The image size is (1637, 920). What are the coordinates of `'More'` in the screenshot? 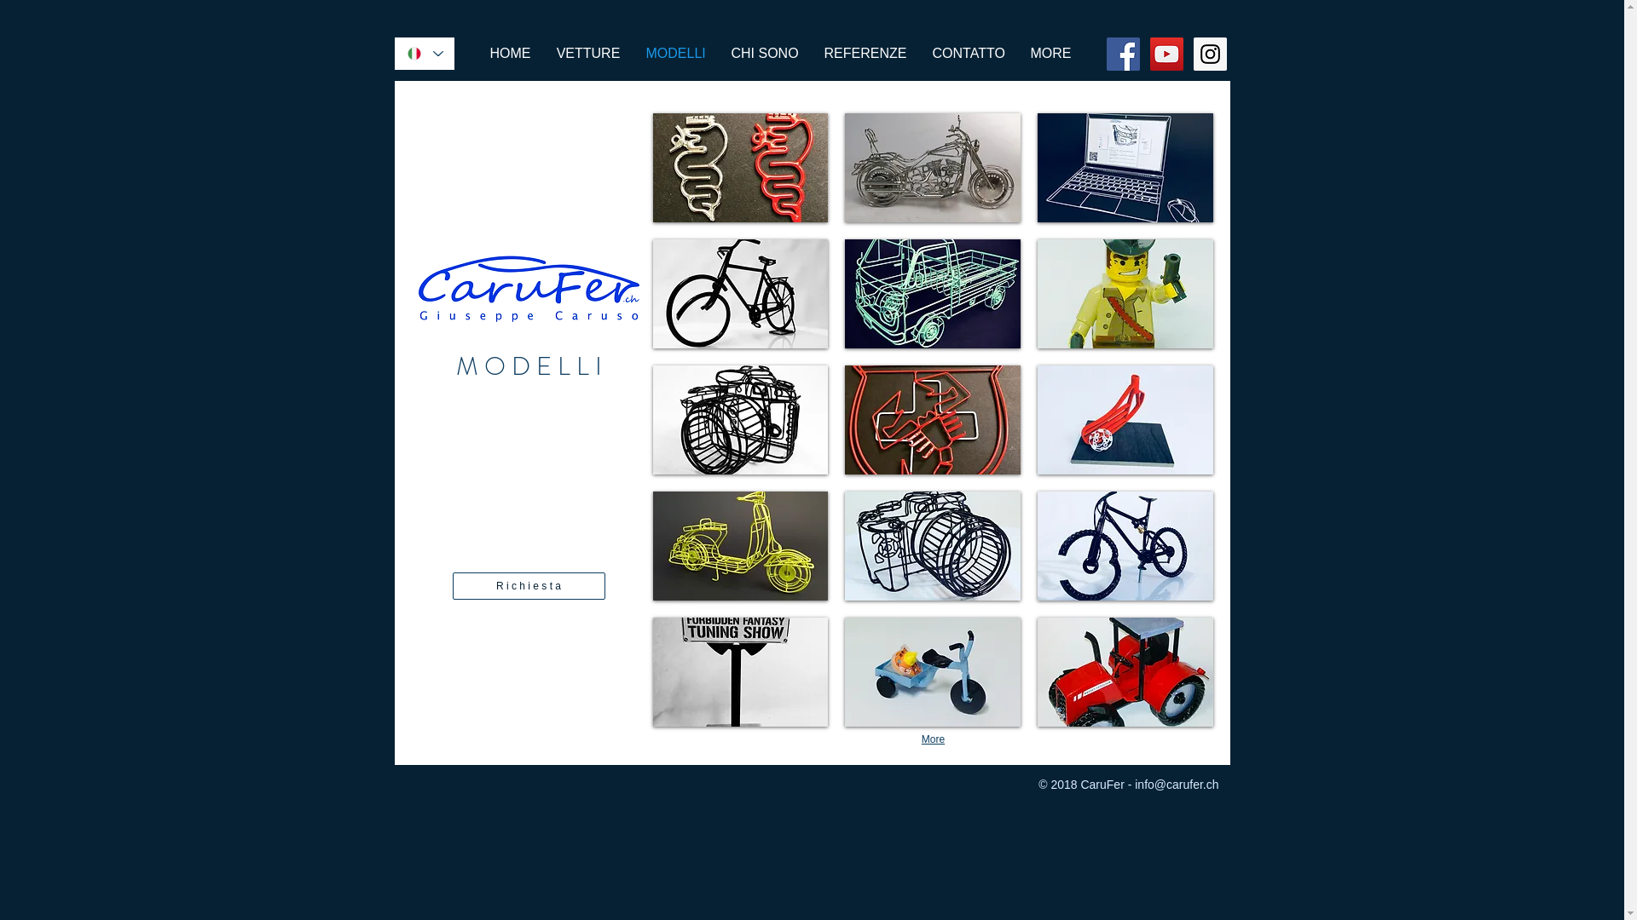 It's located at (932, 739).